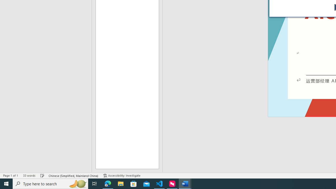 This screenshot has width=336, height=189. What do you see at coordinates (73, 176) in the screenshot?
I see `'Language Chinese (Simplified, Mainland China)'` at bounding box center [73, 176].